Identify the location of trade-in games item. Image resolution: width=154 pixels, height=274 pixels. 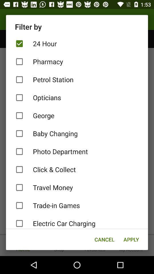
(77, 205).